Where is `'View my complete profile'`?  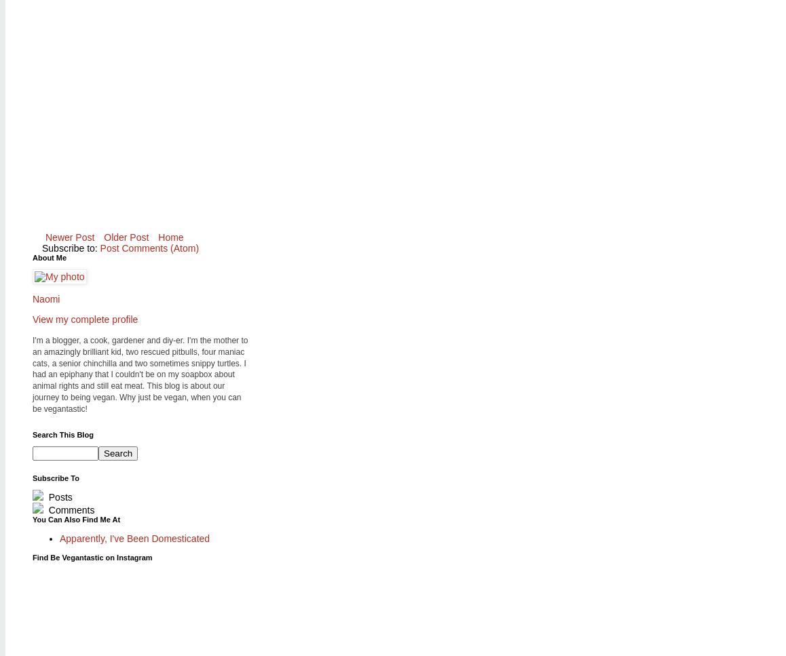 'View my complete profile' is located at coordinates (84, 320).